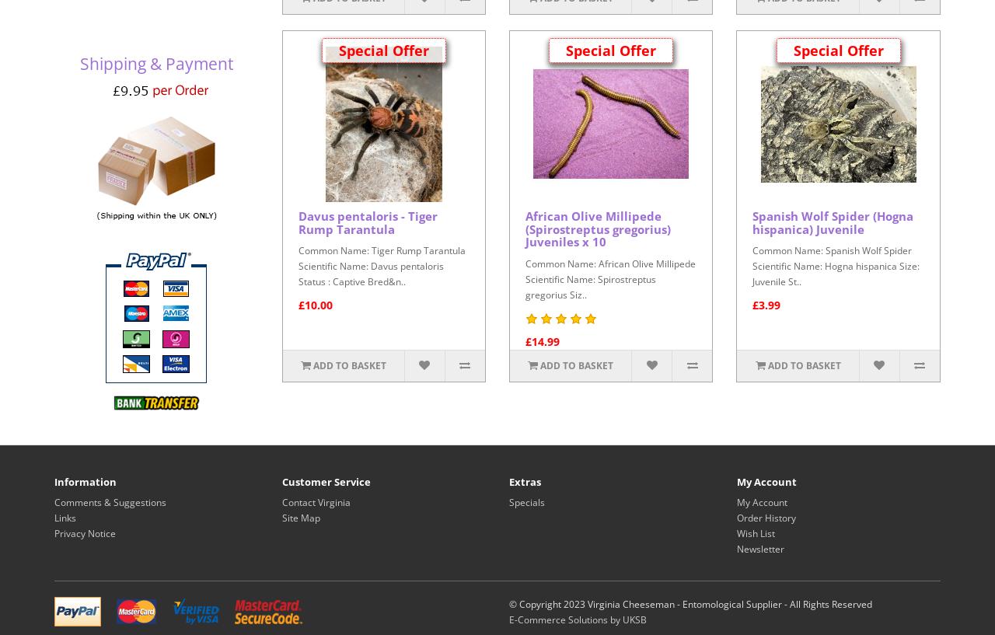 The width and height of the screenshot is (995, 635). What do you see at coordinates (527, 502) in the screenshot?
I see `'Specials'` at bounding box center [527, 502].